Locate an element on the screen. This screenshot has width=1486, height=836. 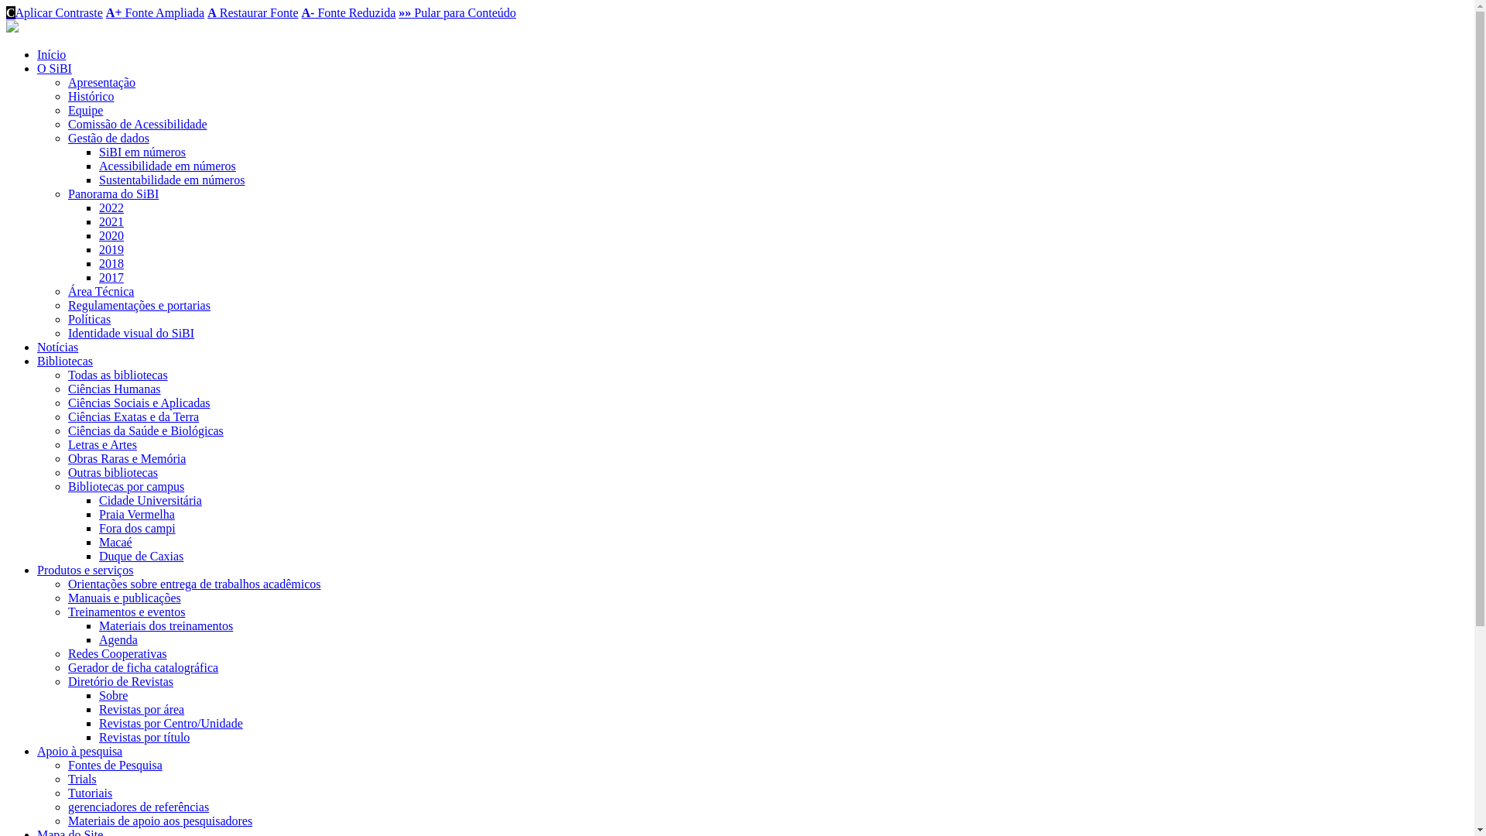
'Revistas por Centro/Unidade' is located at coordinates (170, 723).